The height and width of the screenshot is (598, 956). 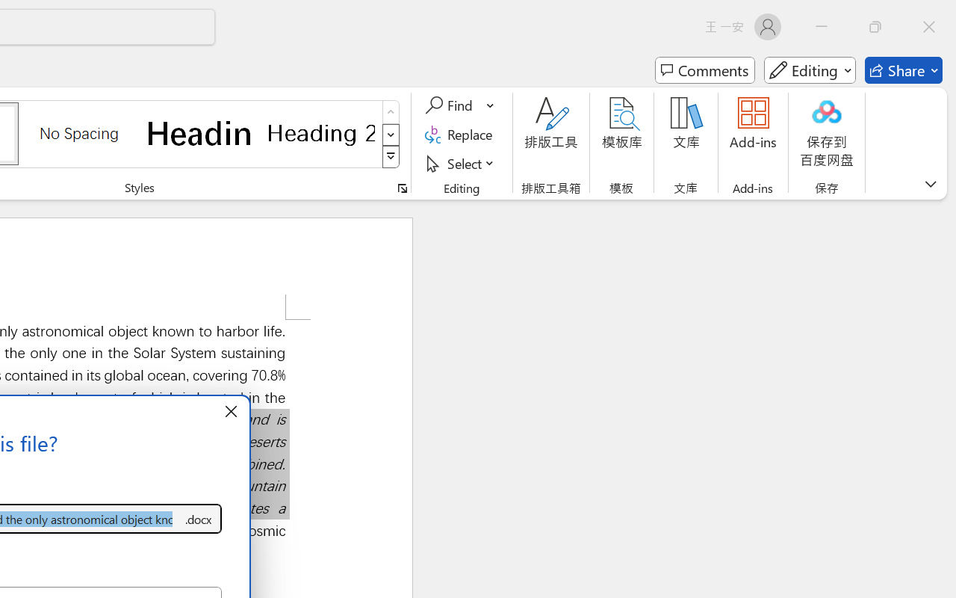 I want to click on 'Heading 1', so click(x=199, y=132).